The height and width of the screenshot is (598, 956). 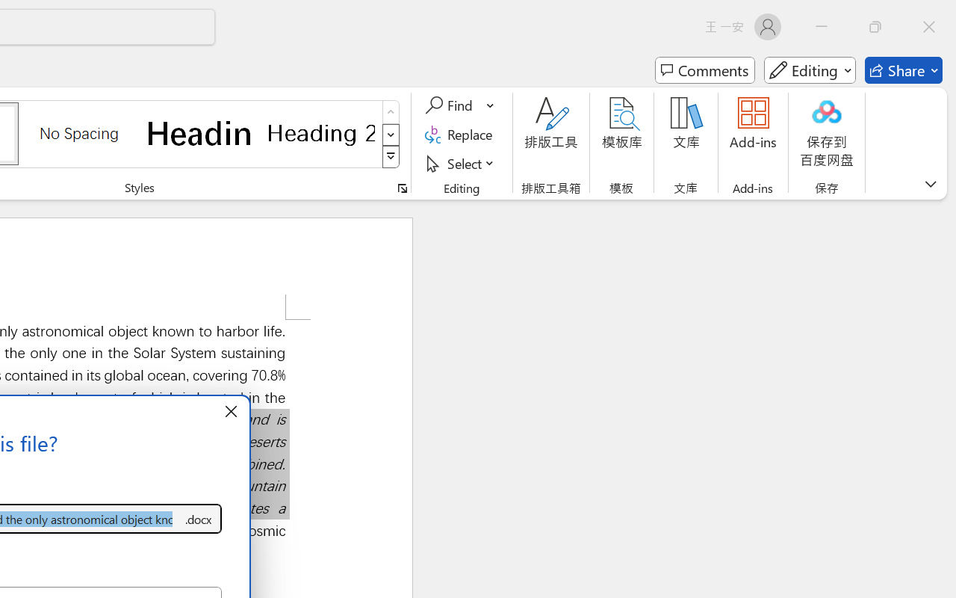 I want to click on 'Heading 1', so click(x=199, y=132).